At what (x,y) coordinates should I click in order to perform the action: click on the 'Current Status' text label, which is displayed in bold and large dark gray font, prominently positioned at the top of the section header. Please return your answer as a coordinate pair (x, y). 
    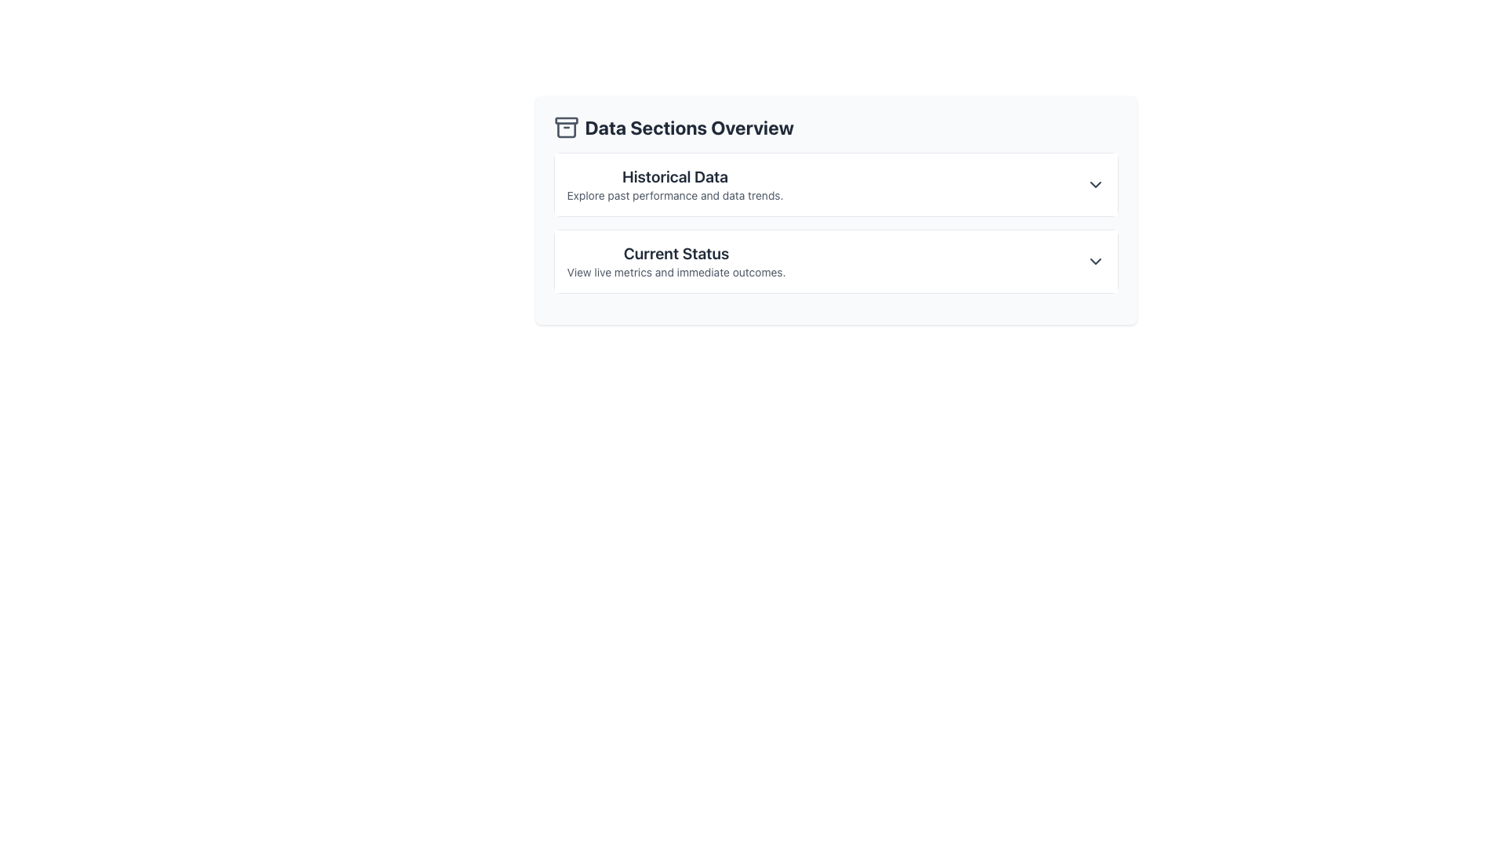
    Looking at the image, I should click on (676, 253).